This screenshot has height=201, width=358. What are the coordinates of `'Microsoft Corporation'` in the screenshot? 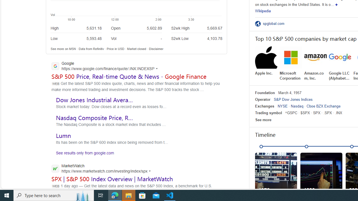 It's located at (291, 63).